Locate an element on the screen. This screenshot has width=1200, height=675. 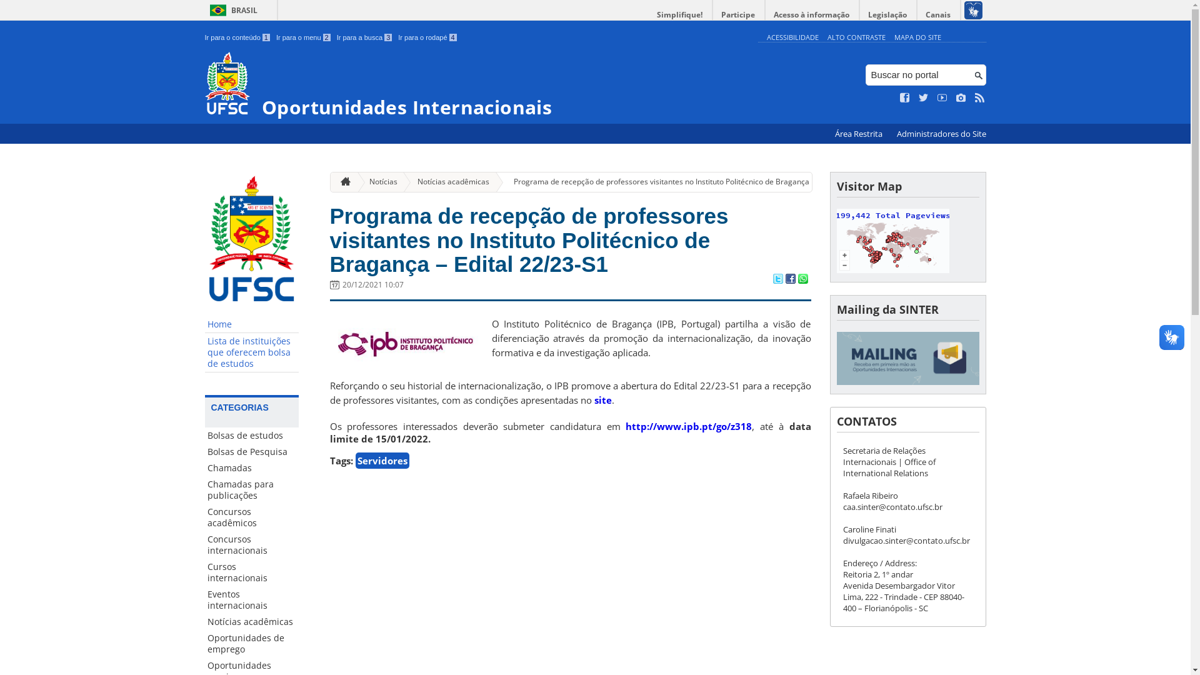
'Visit tracker' is located at coordinates (892, 269).